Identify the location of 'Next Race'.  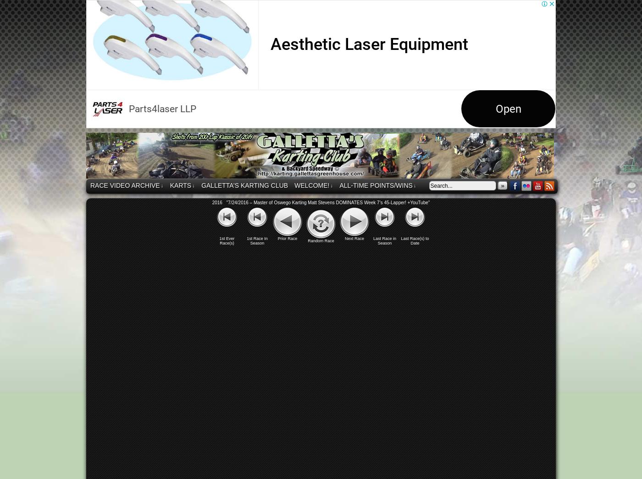
(344, 239).